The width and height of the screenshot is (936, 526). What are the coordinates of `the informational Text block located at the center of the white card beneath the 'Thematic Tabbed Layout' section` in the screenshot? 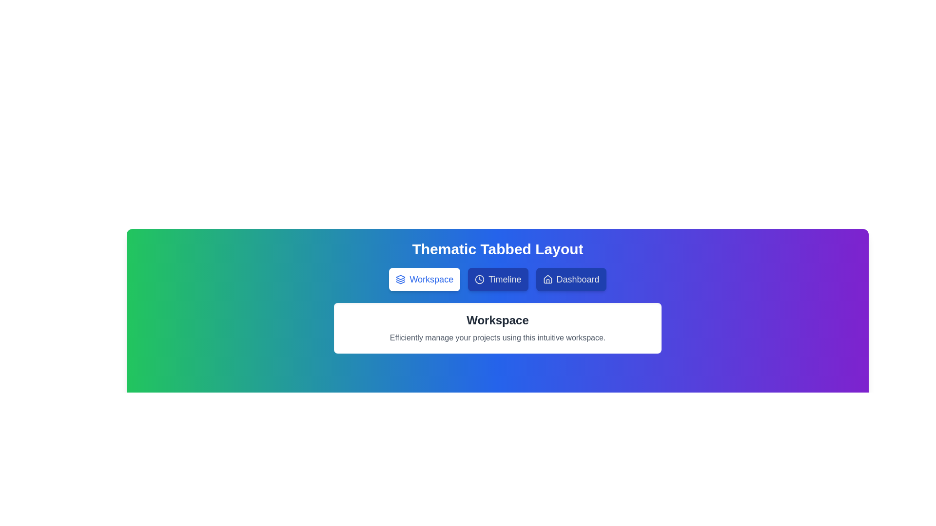 It's located at (498, 328).